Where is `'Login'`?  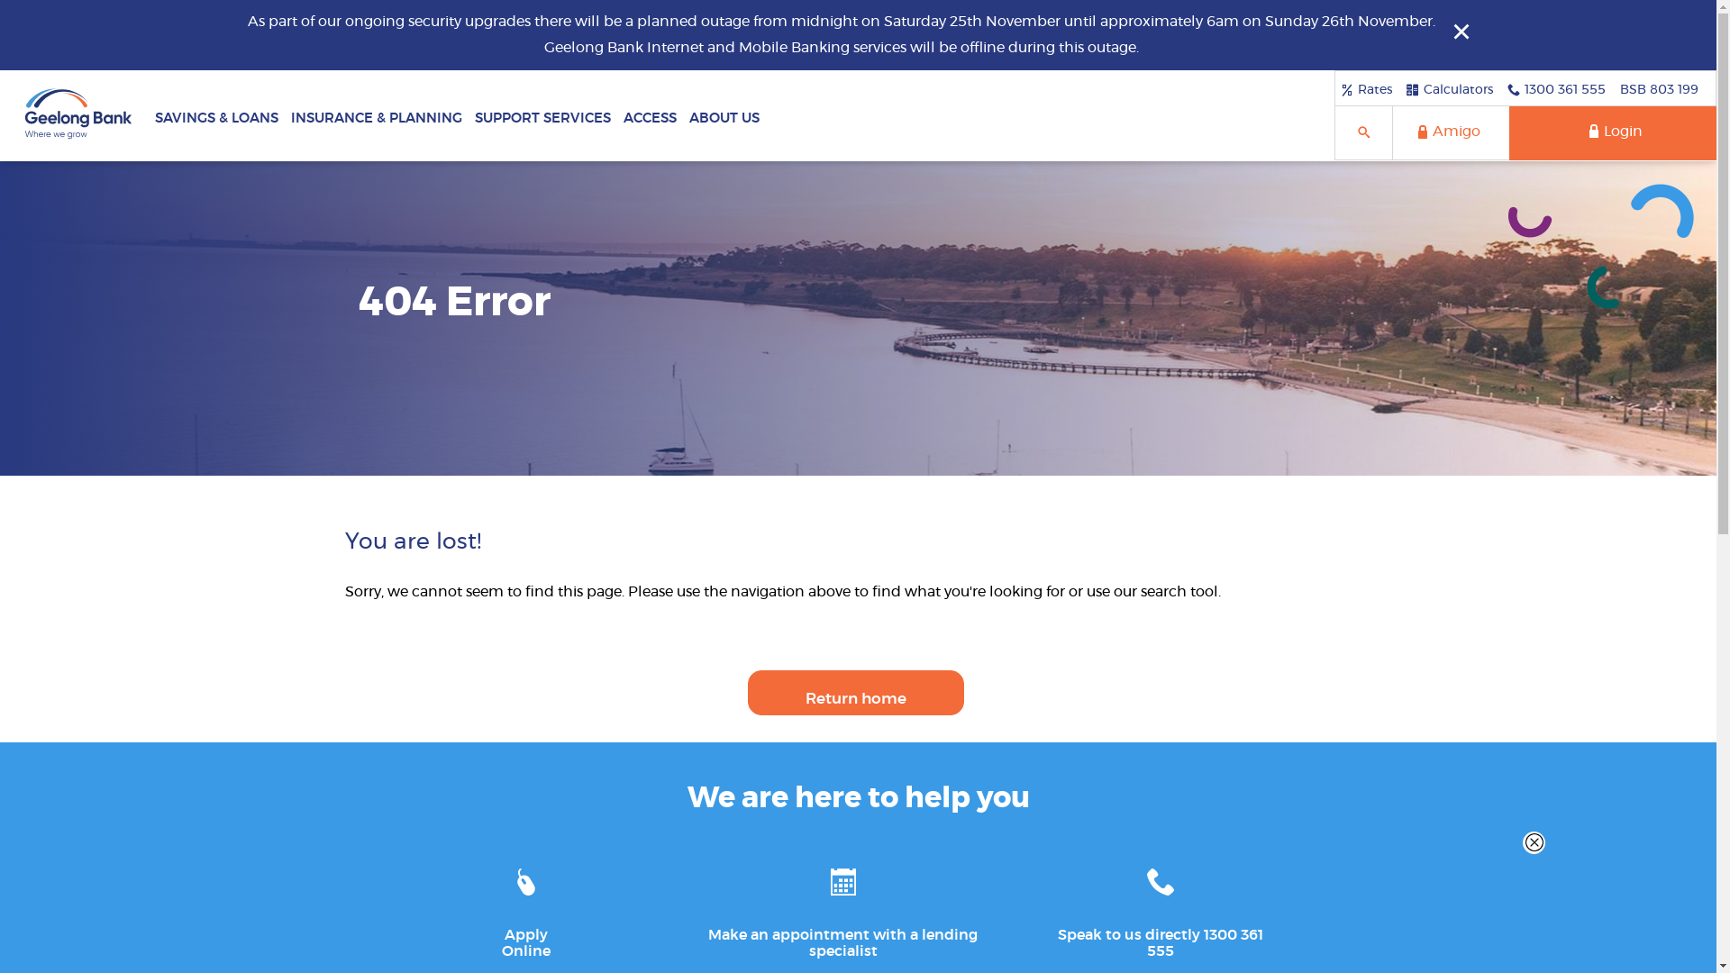
'Login' is located at coordinates (1613, 132).